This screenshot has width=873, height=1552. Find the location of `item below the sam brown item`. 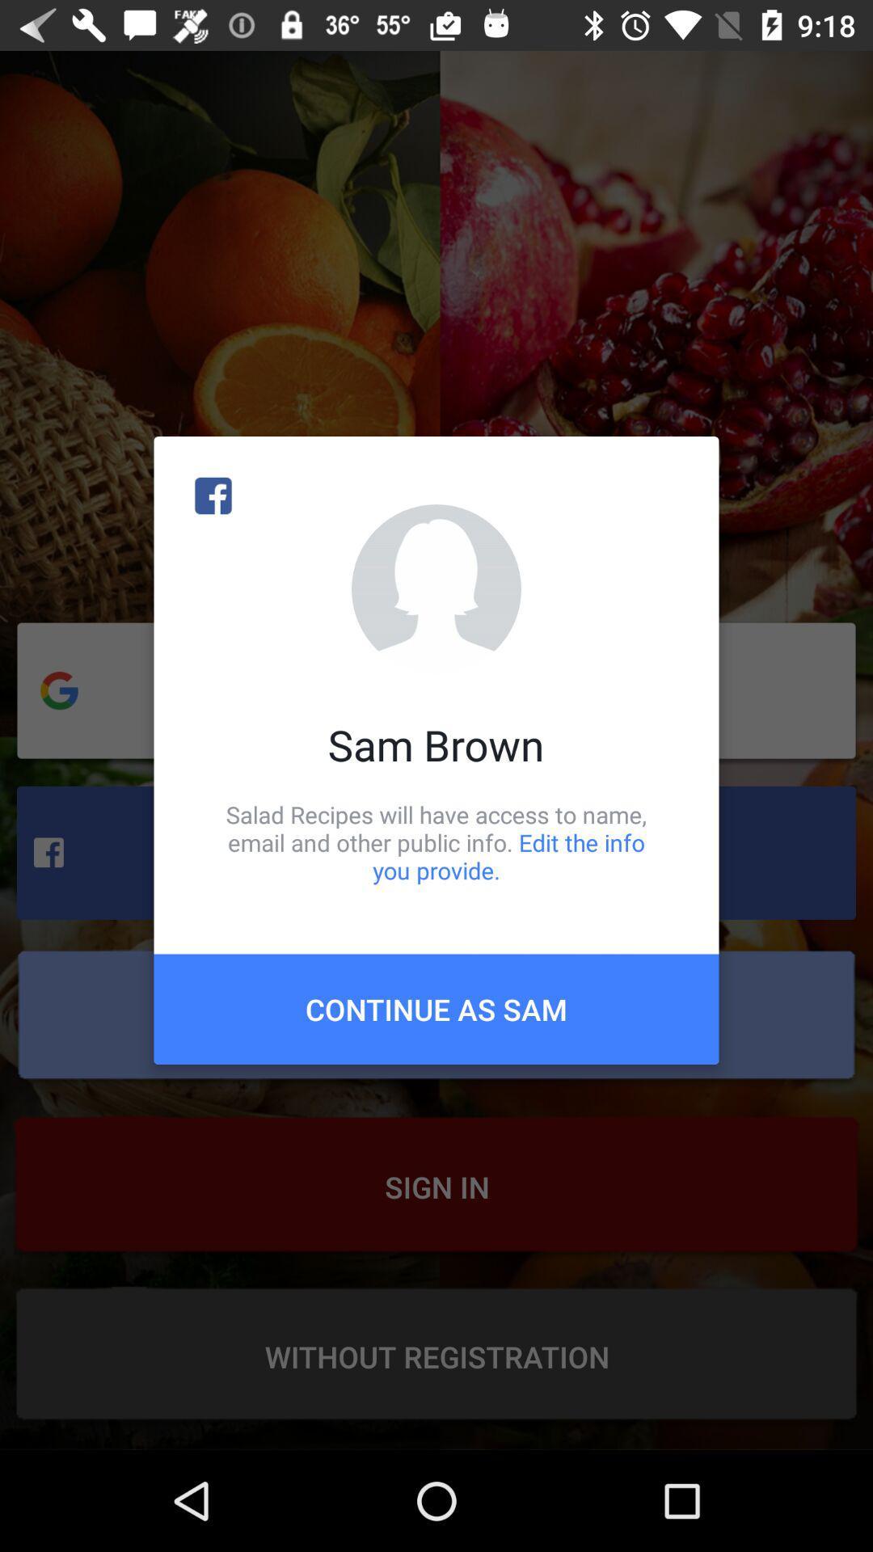

item below the sam brown item is located at coordinates (436, 841).